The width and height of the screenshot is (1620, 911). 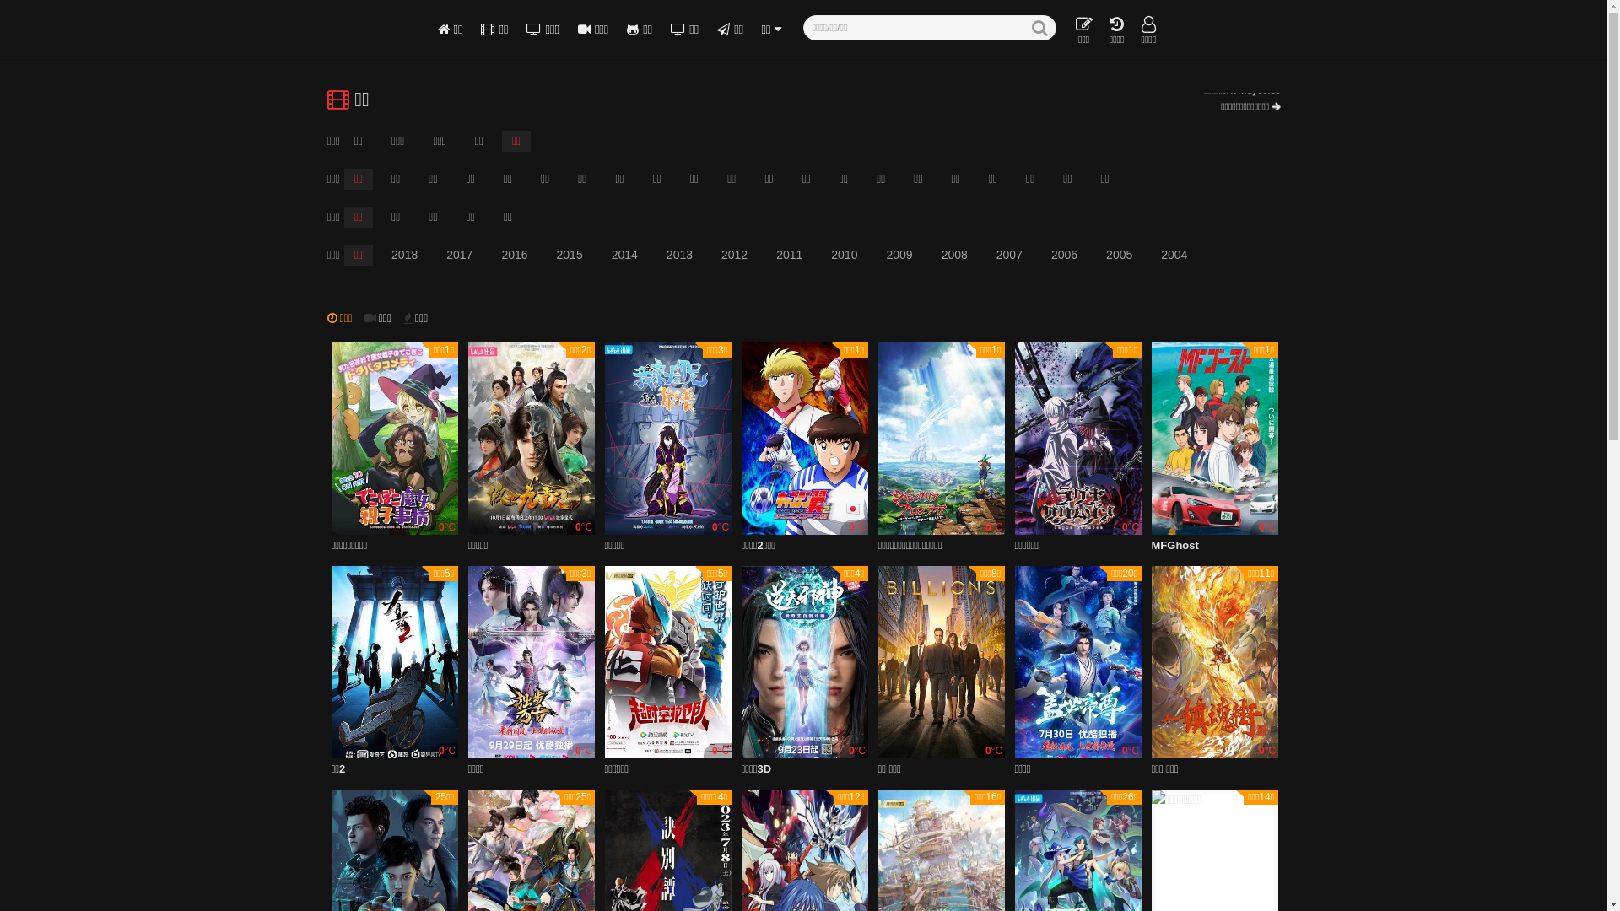 What do you see at coordinates (764, 255) in the screenshot?
I see `'2011'` at bounding box center [764, 255].